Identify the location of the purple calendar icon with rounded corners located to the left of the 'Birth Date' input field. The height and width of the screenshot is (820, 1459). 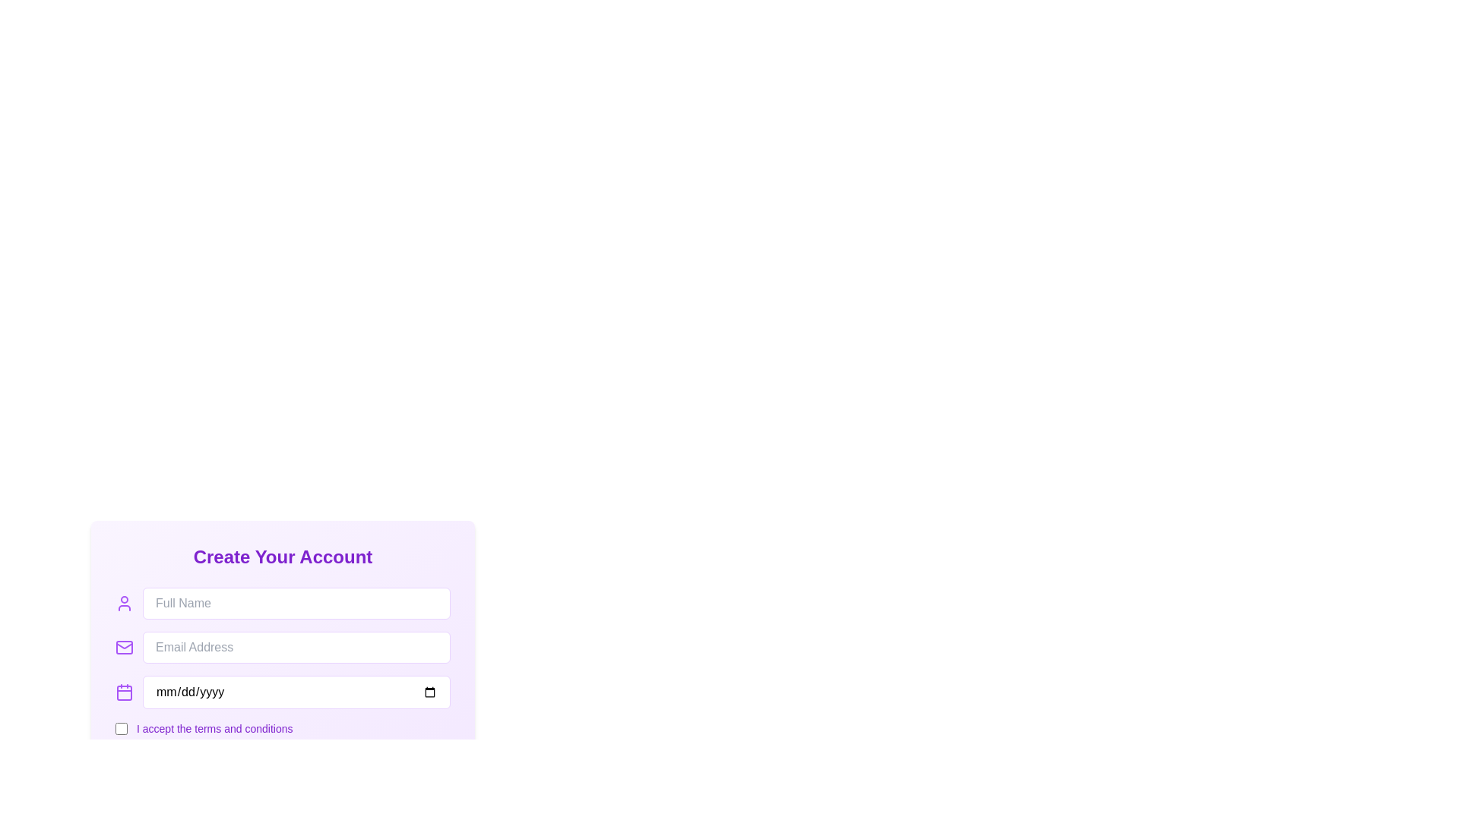
(124, 692).